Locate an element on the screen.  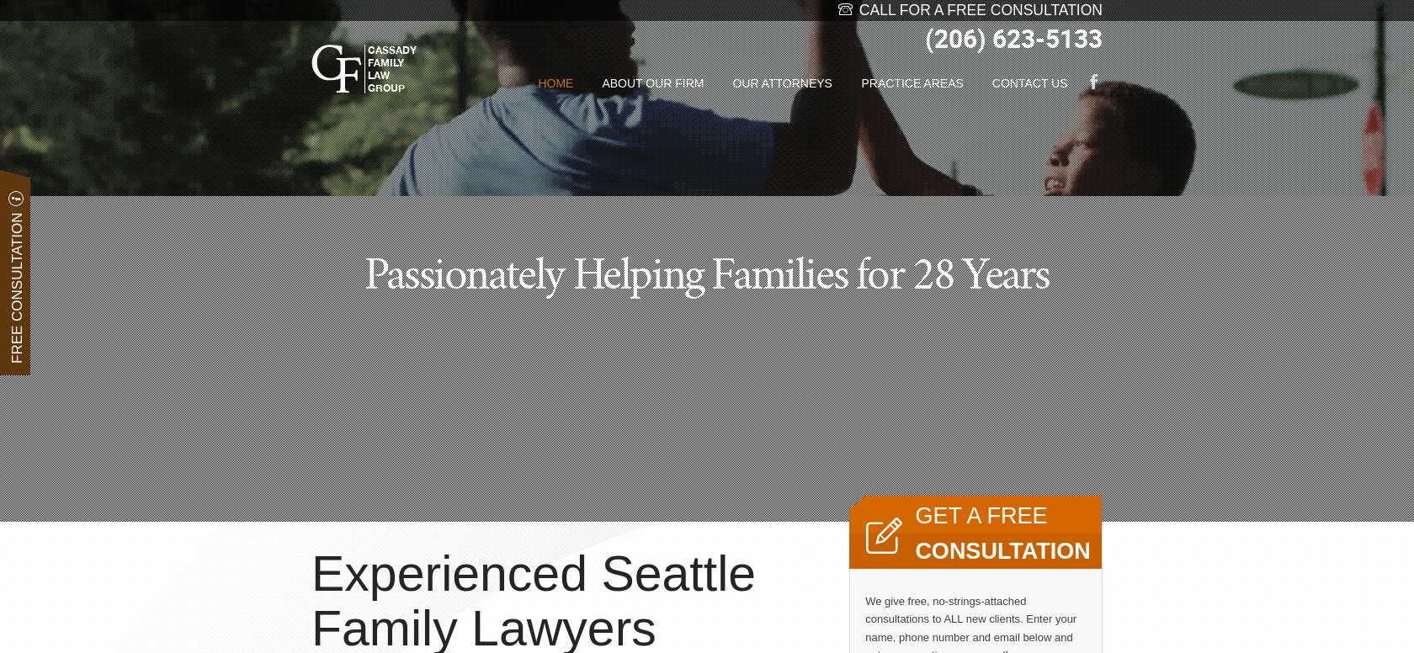
'Passionately Helping Families for 28 Years' is located at coordinates (706, 273).